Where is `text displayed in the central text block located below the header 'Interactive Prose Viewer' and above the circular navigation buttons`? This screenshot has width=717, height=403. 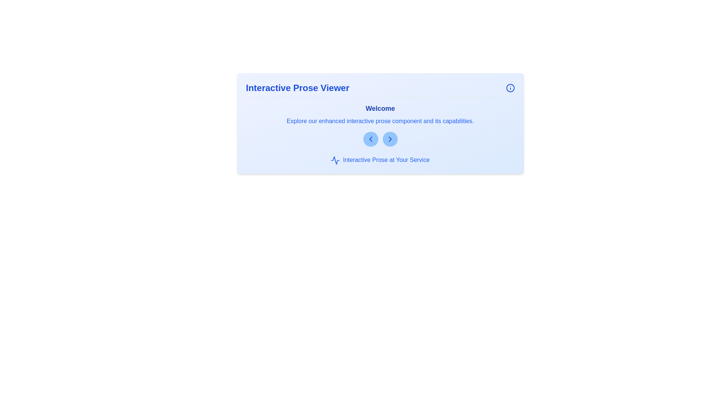 text displayed in the central text block located below the header 'Interactive Prose Viewer' and above the circular navigation buttons is located at coordinates (380, 125).